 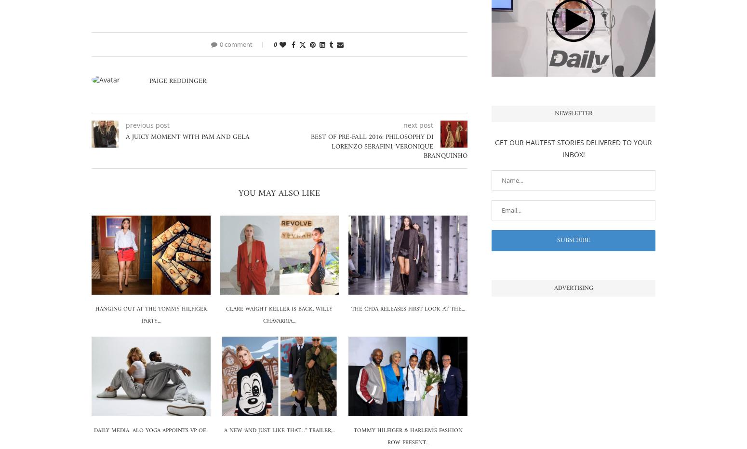 What do you see at coordinates (235, 44) in the screenshot?
I see `'0 comment'` at bounding box center [235, 44].